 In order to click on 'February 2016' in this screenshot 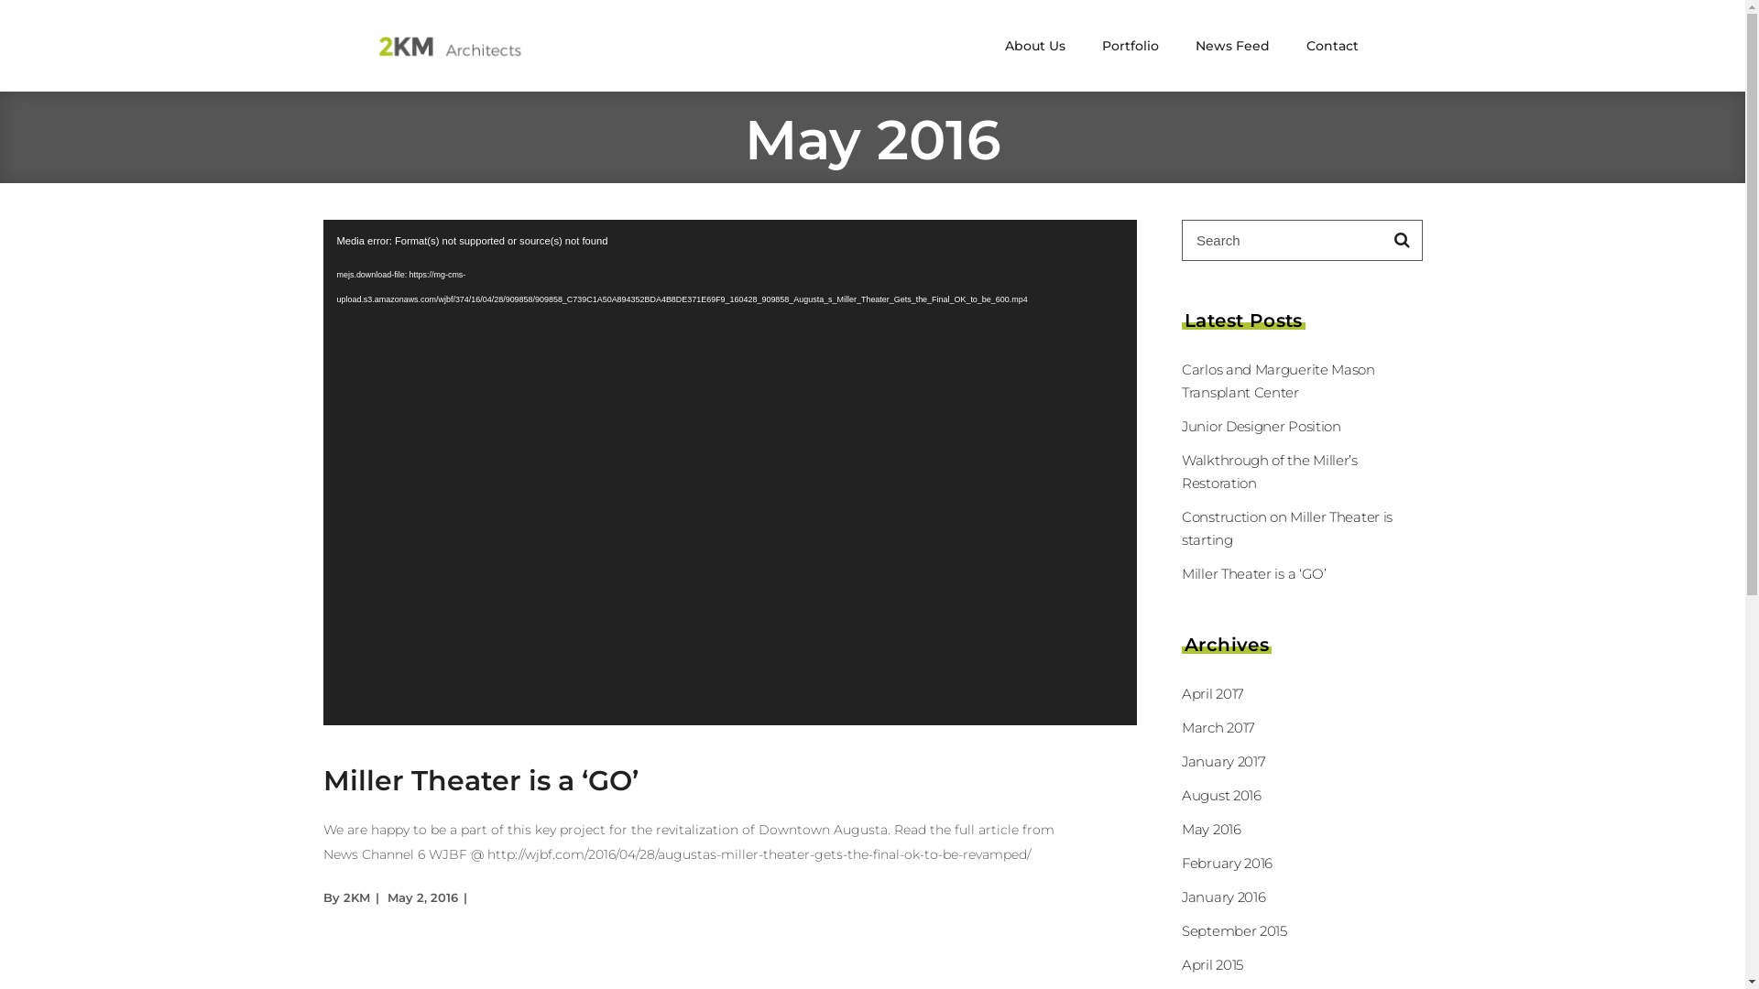, I will do `click(1227, 863)`.